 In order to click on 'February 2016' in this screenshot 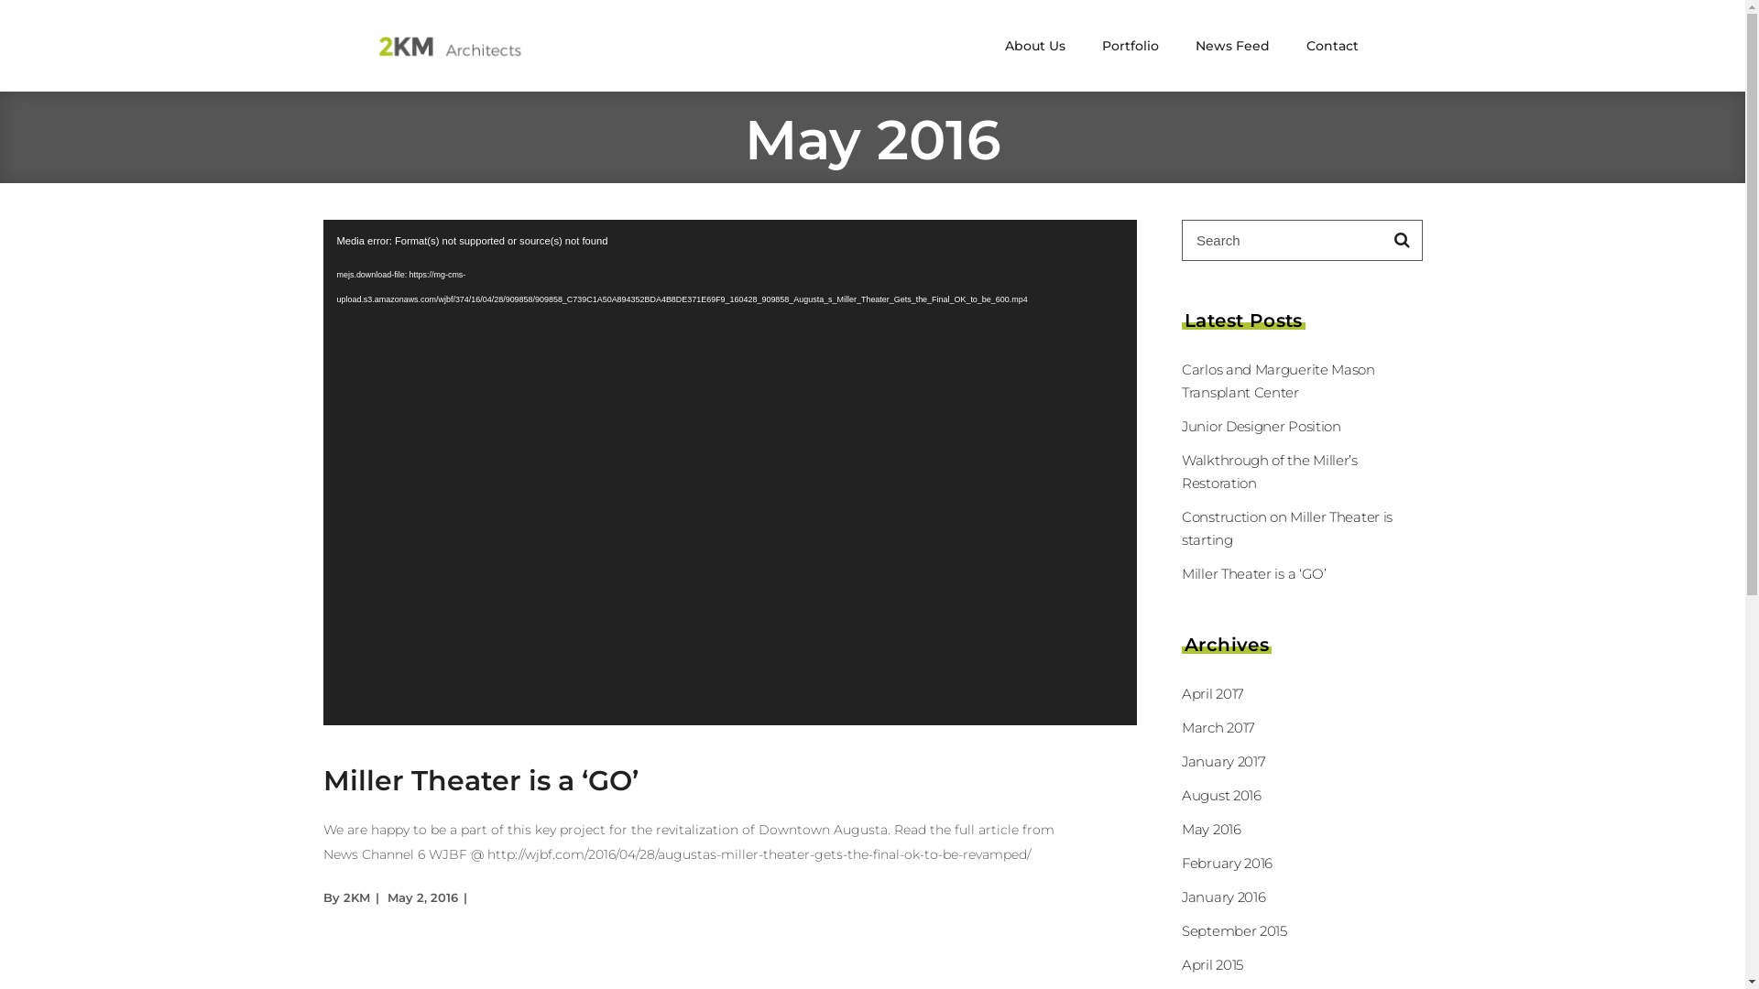, I will do `click(1227, 863)`.